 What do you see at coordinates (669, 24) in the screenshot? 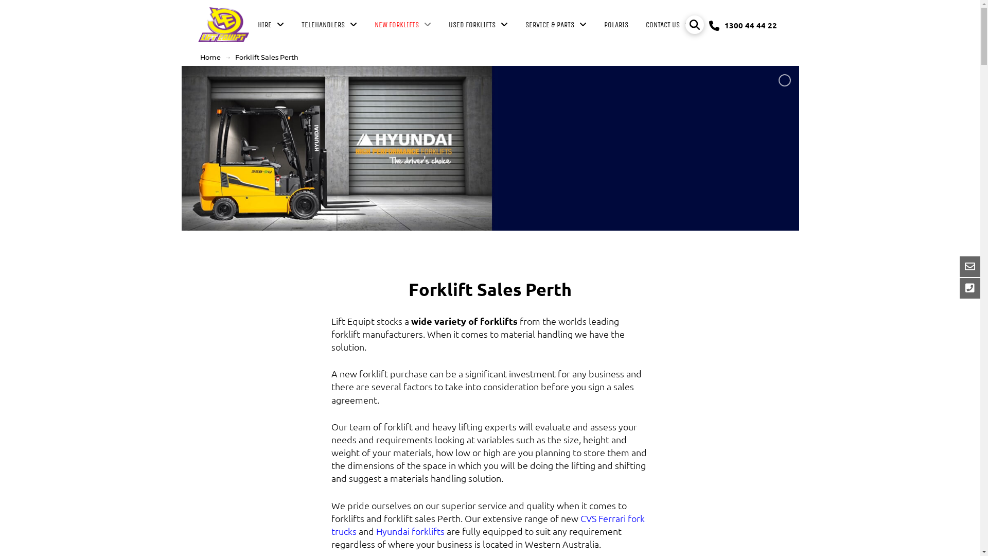
I see `'CONTACT US'` at bounding box center [669, 24].